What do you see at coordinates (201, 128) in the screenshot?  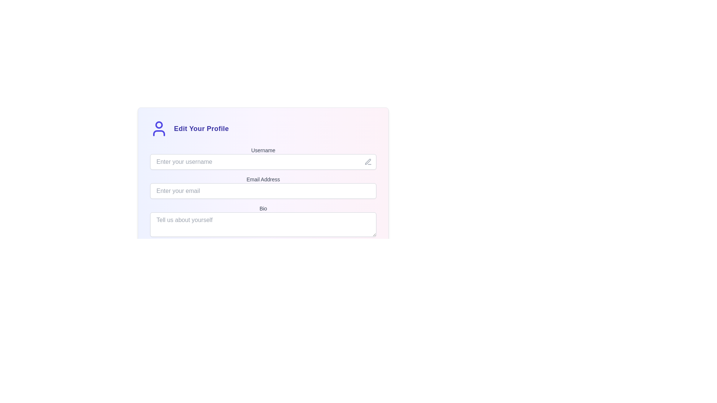 I see `the label that serves as the heading for the profile editing section, located on the upper left side of the form interface, adjacent to the user profile icon` at bounding box center [201, 128].